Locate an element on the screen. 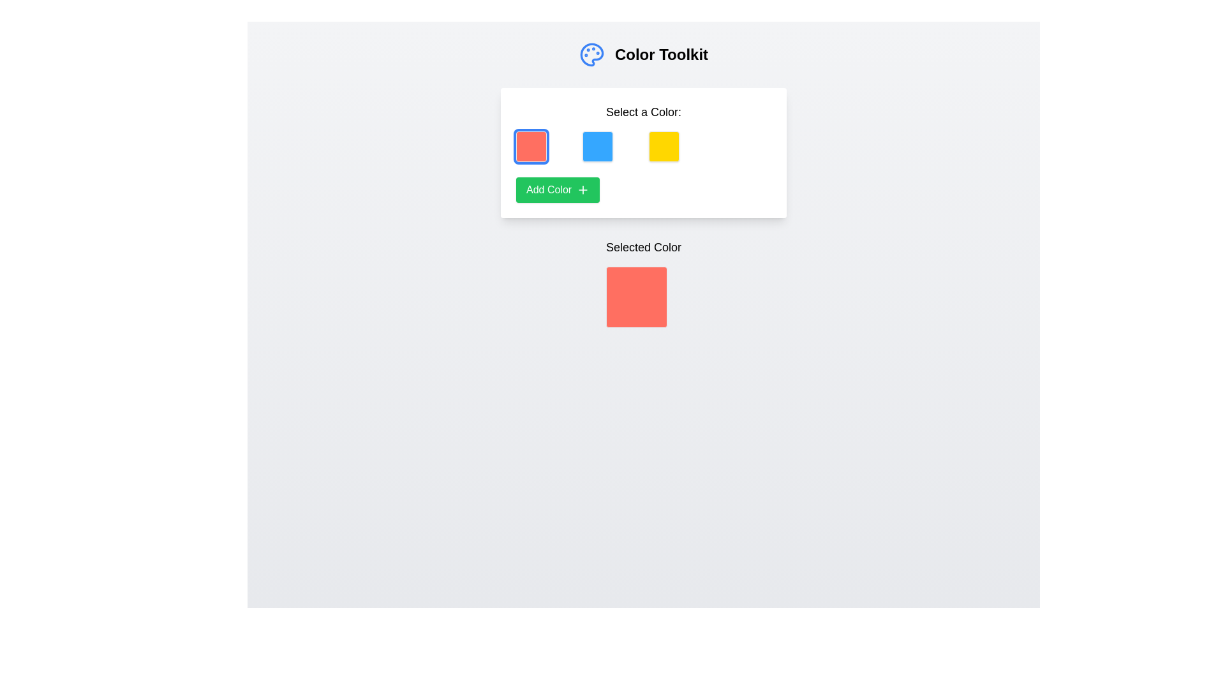  the blue square button with rounded corners, which is the second element in a horizontal grid of four buttons is located at coordinates (597, 146).